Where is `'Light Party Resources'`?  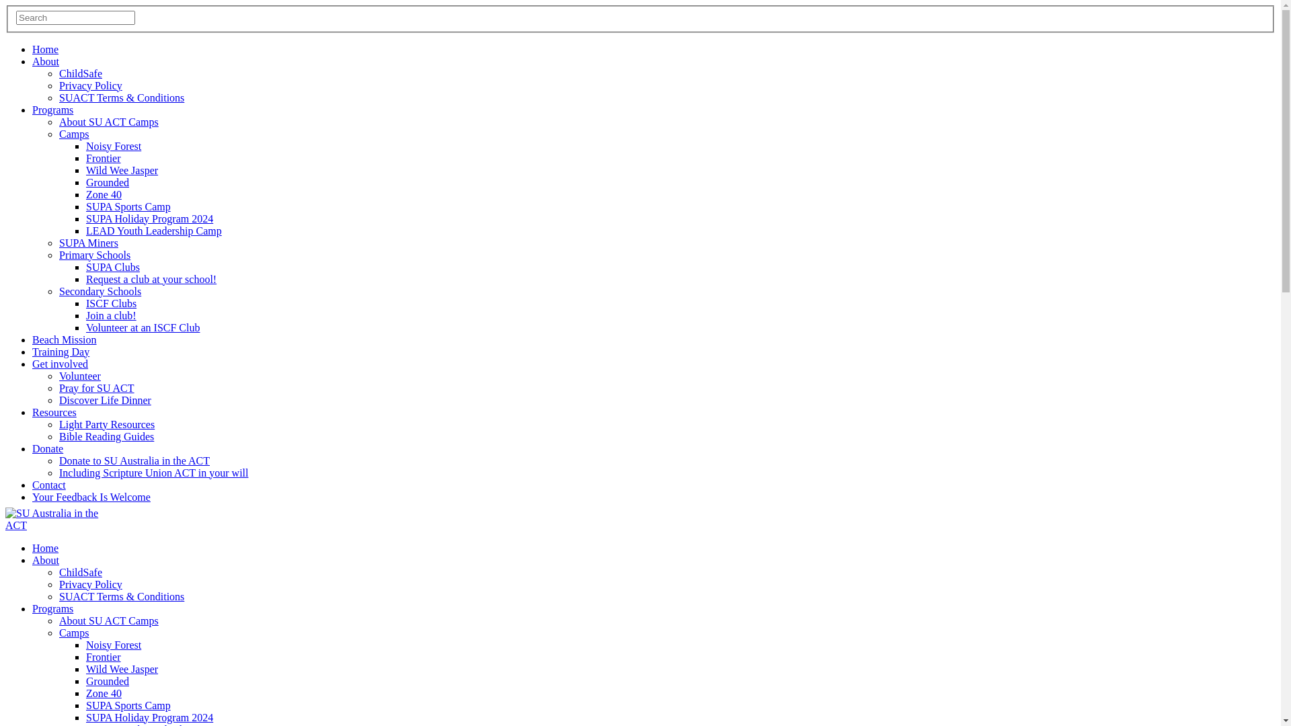 'Light Party Resources' is located at coordinates (106, 424).